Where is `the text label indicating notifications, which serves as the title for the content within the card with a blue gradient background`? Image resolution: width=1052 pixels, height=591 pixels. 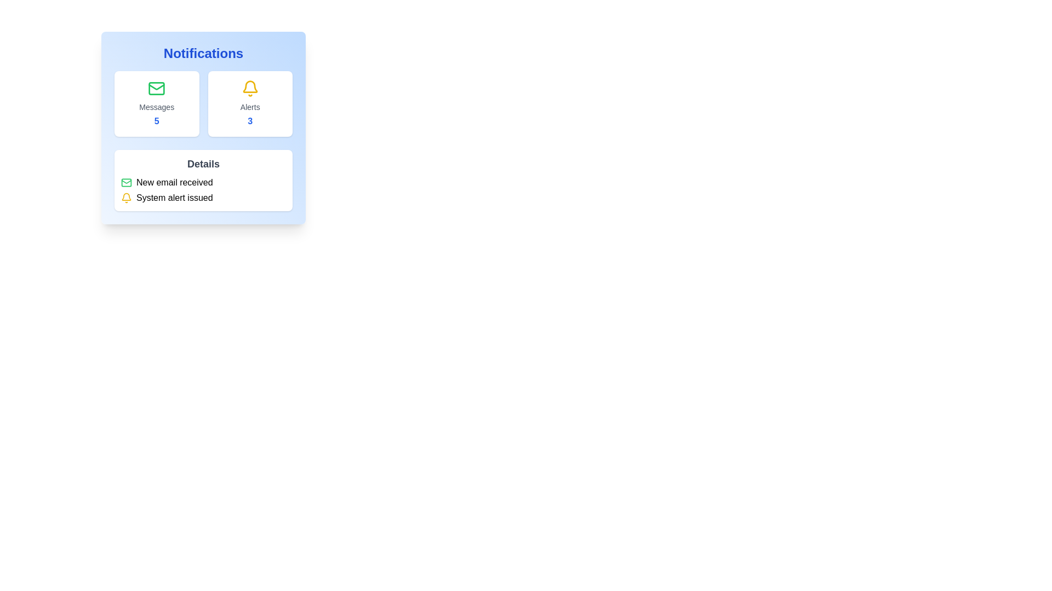 the text label indicating notifications, which serves as the title for the content within the card with a blue gradient background is located at coordinates (203, 53).